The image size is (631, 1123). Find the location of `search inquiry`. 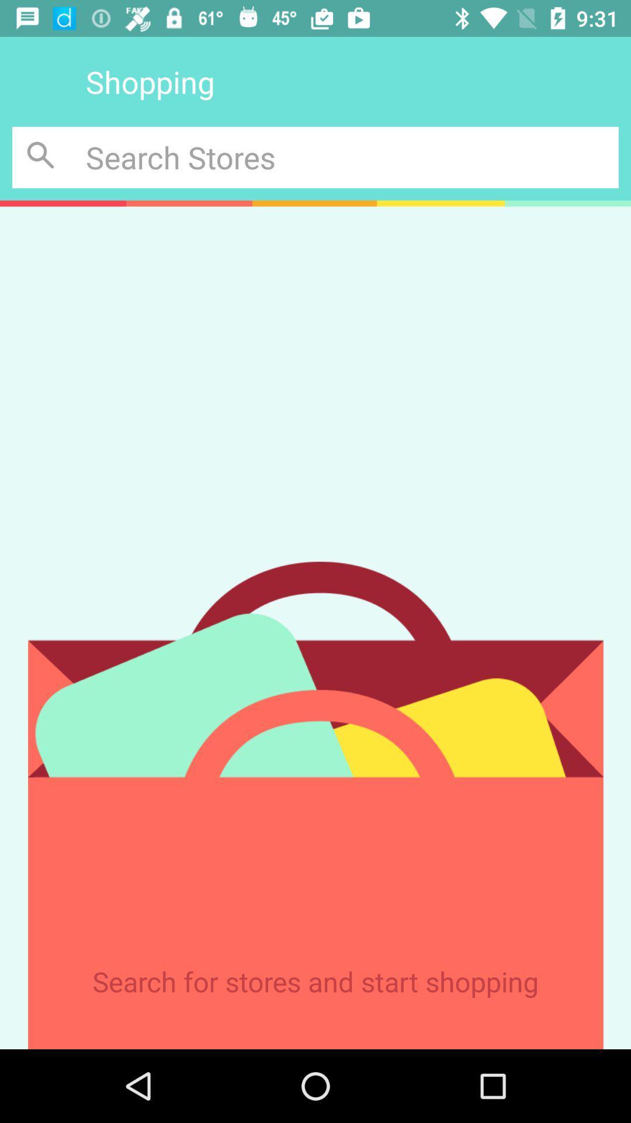

search inquiry is located at coordinates (351, 157).